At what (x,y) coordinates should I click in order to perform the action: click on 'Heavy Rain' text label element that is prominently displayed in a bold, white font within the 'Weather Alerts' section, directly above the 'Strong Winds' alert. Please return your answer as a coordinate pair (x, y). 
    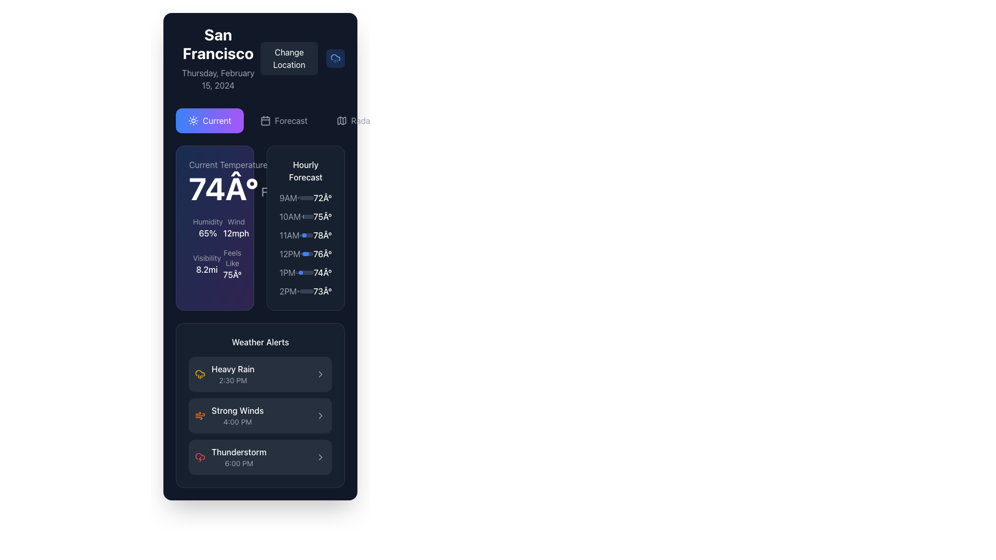
    Looking at the image, I should click on (232, 369).